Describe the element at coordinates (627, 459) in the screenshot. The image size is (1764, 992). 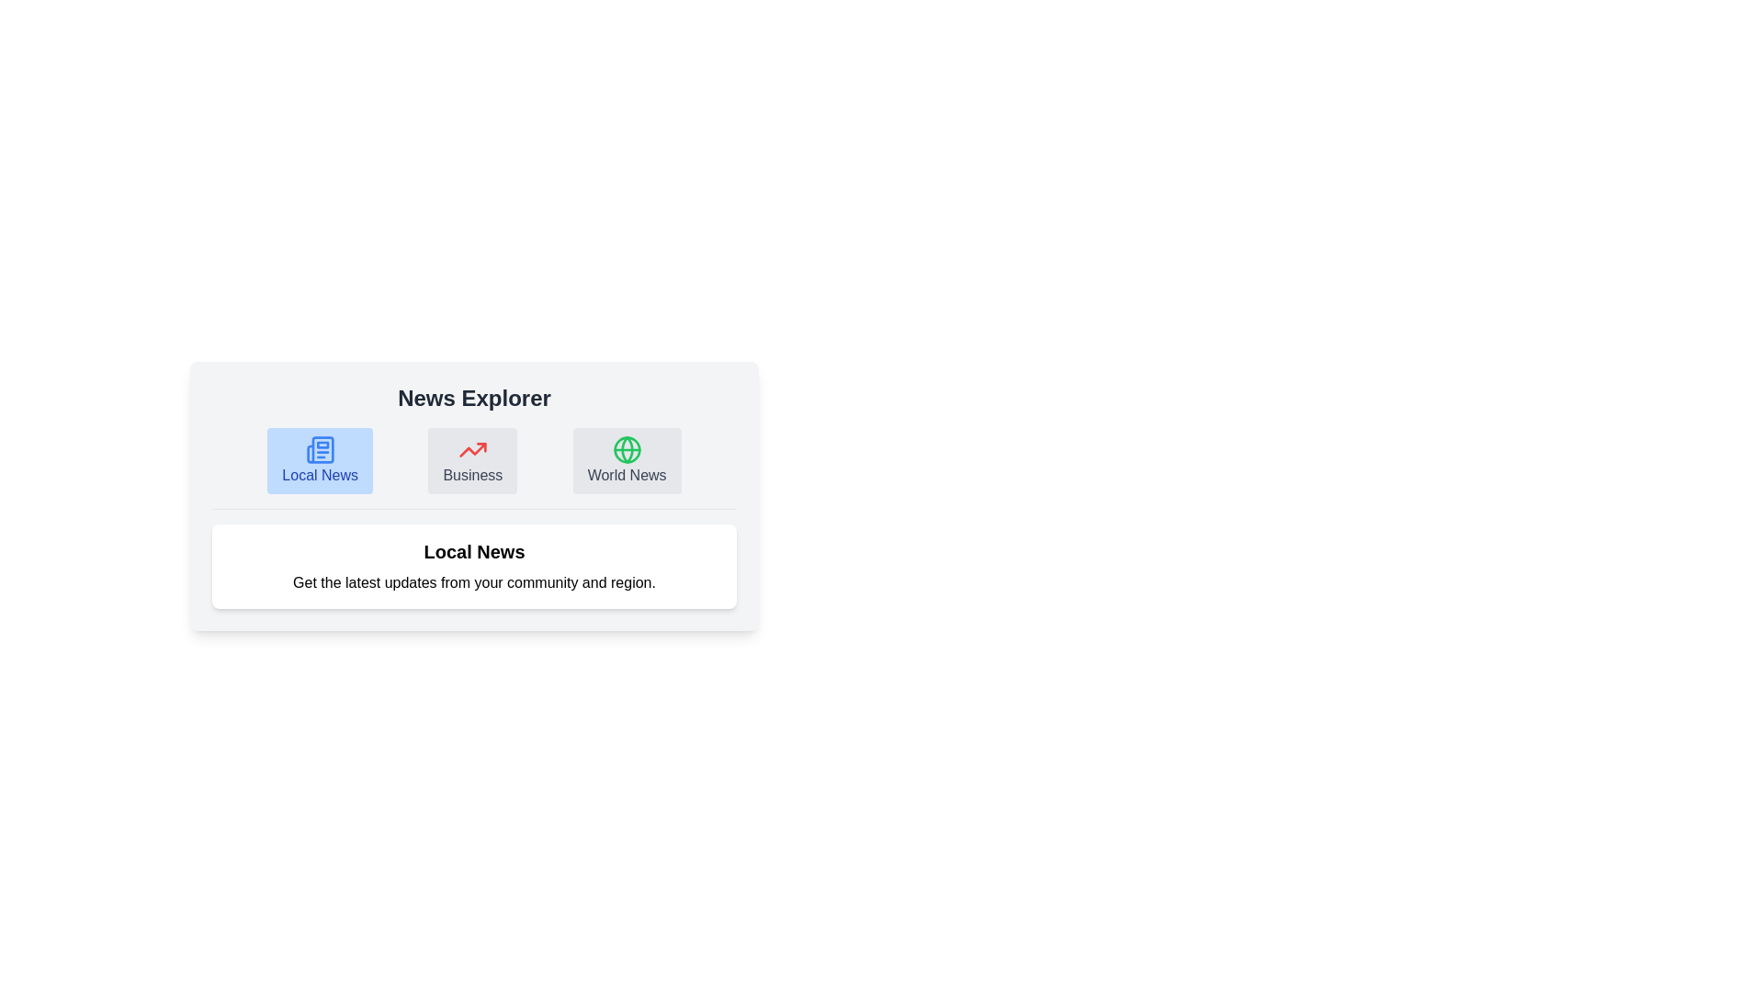
I see `the icon for World News` at that location.